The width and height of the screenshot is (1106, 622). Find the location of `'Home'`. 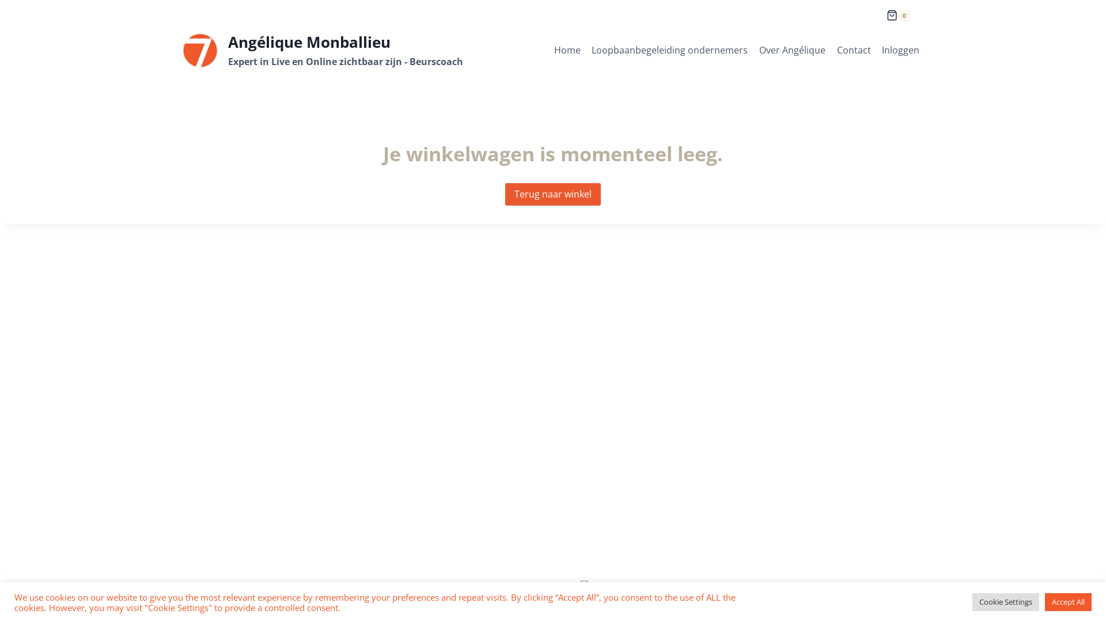

'Home' is located at coordinates (567, 50).